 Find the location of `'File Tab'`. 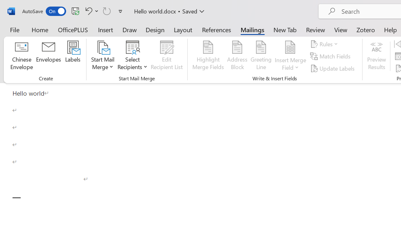

'File Tab' is located at coordinates (14, 29).